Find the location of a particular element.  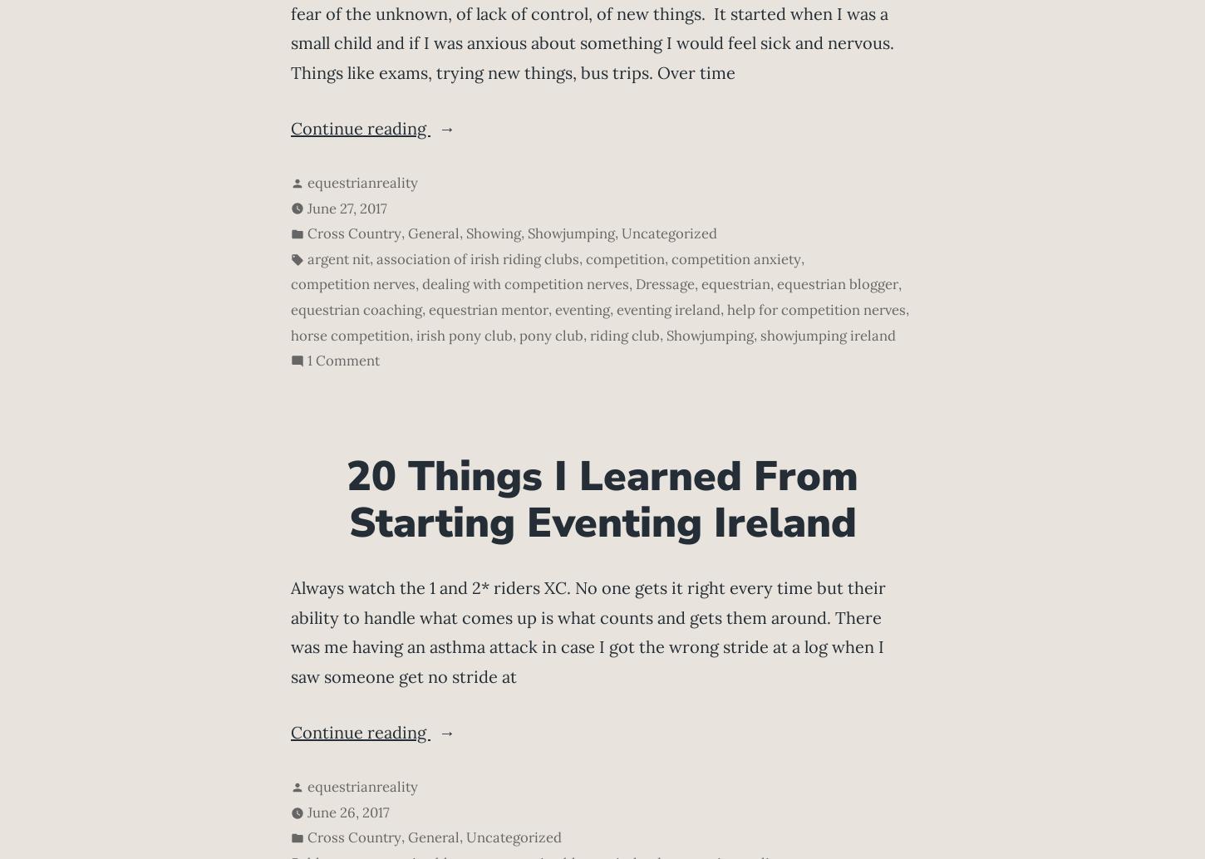

'equestrian blogger' is located at coordinates (838, 283).